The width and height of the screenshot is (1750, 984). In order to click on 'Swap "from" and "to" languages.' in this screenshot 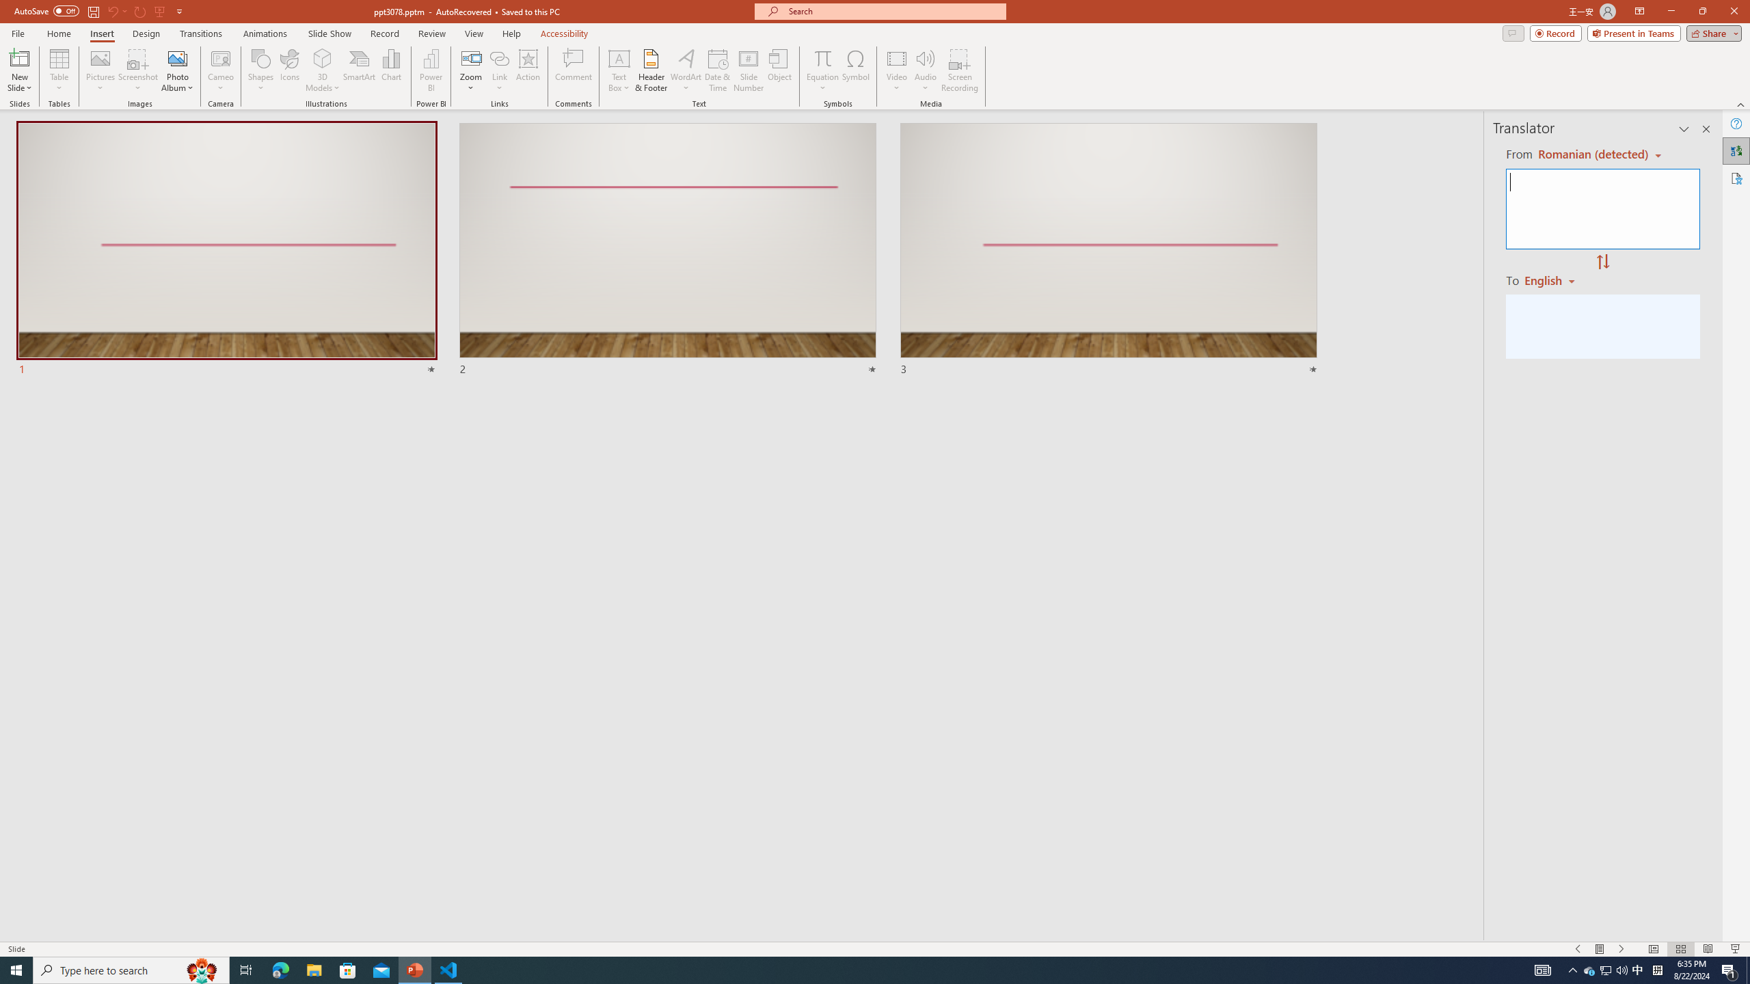, I will do `click(1602, 262)`.